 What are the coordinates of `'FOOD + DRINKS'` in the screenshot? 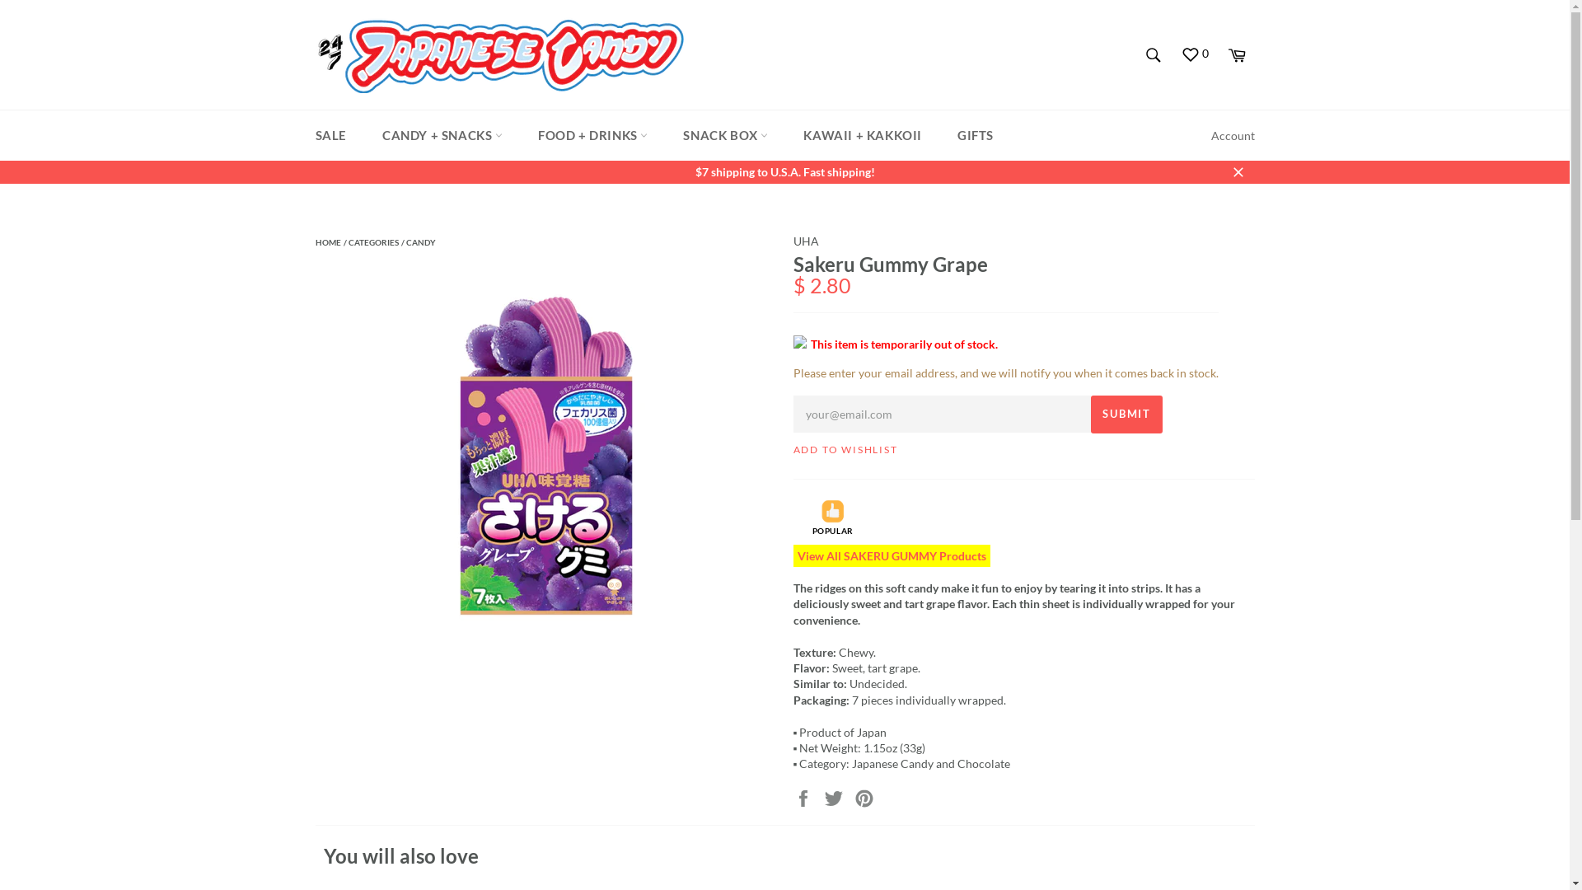 It's located at (592, 134).